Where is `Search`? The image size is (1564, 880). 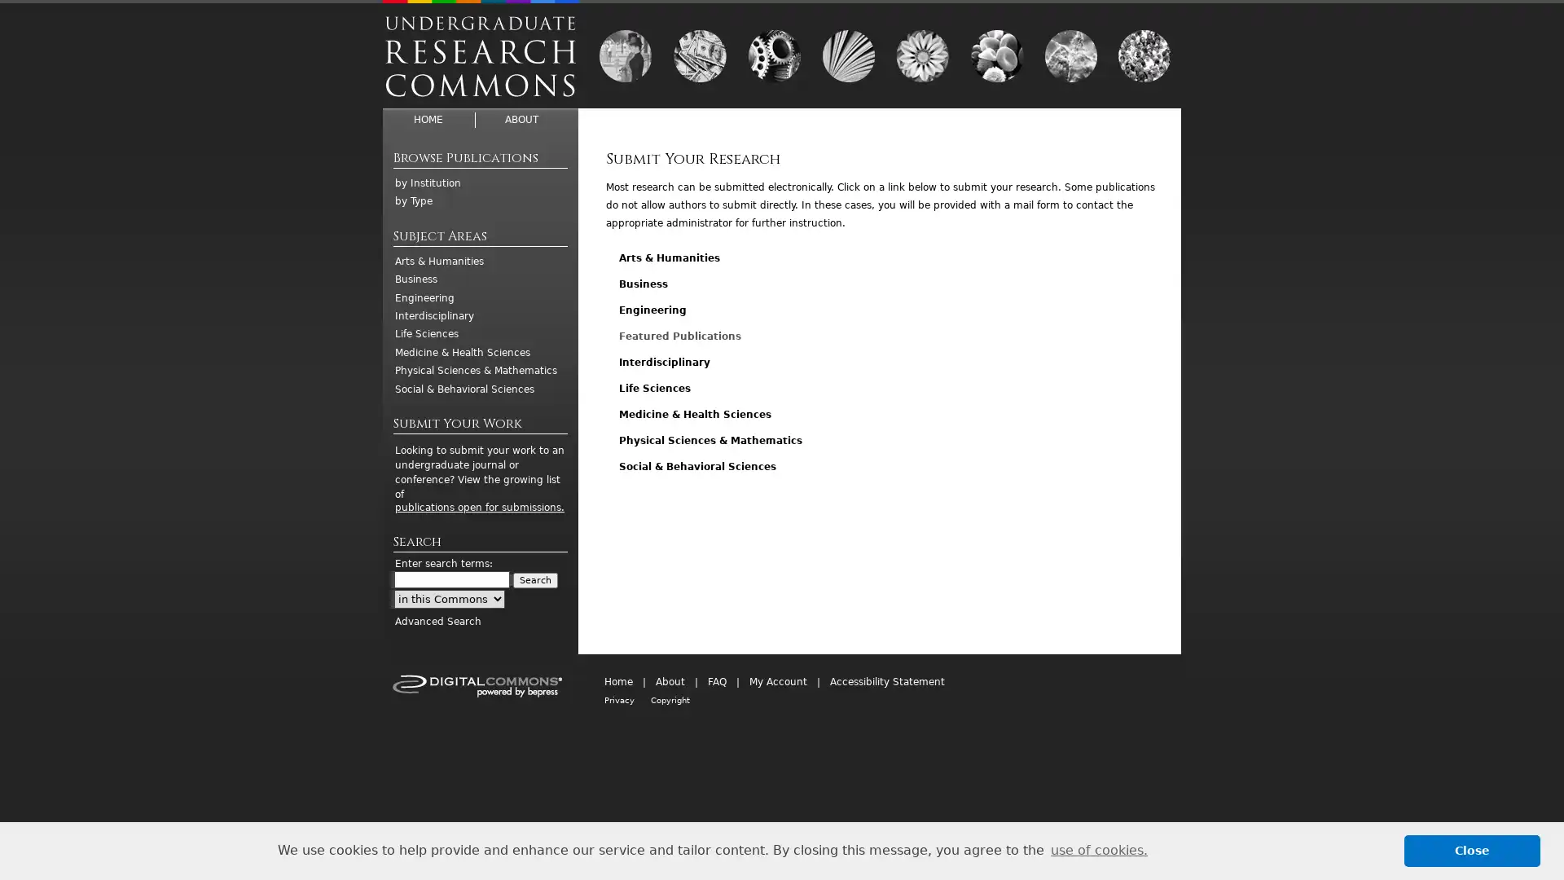 Search is located at coordinates (535, 579).